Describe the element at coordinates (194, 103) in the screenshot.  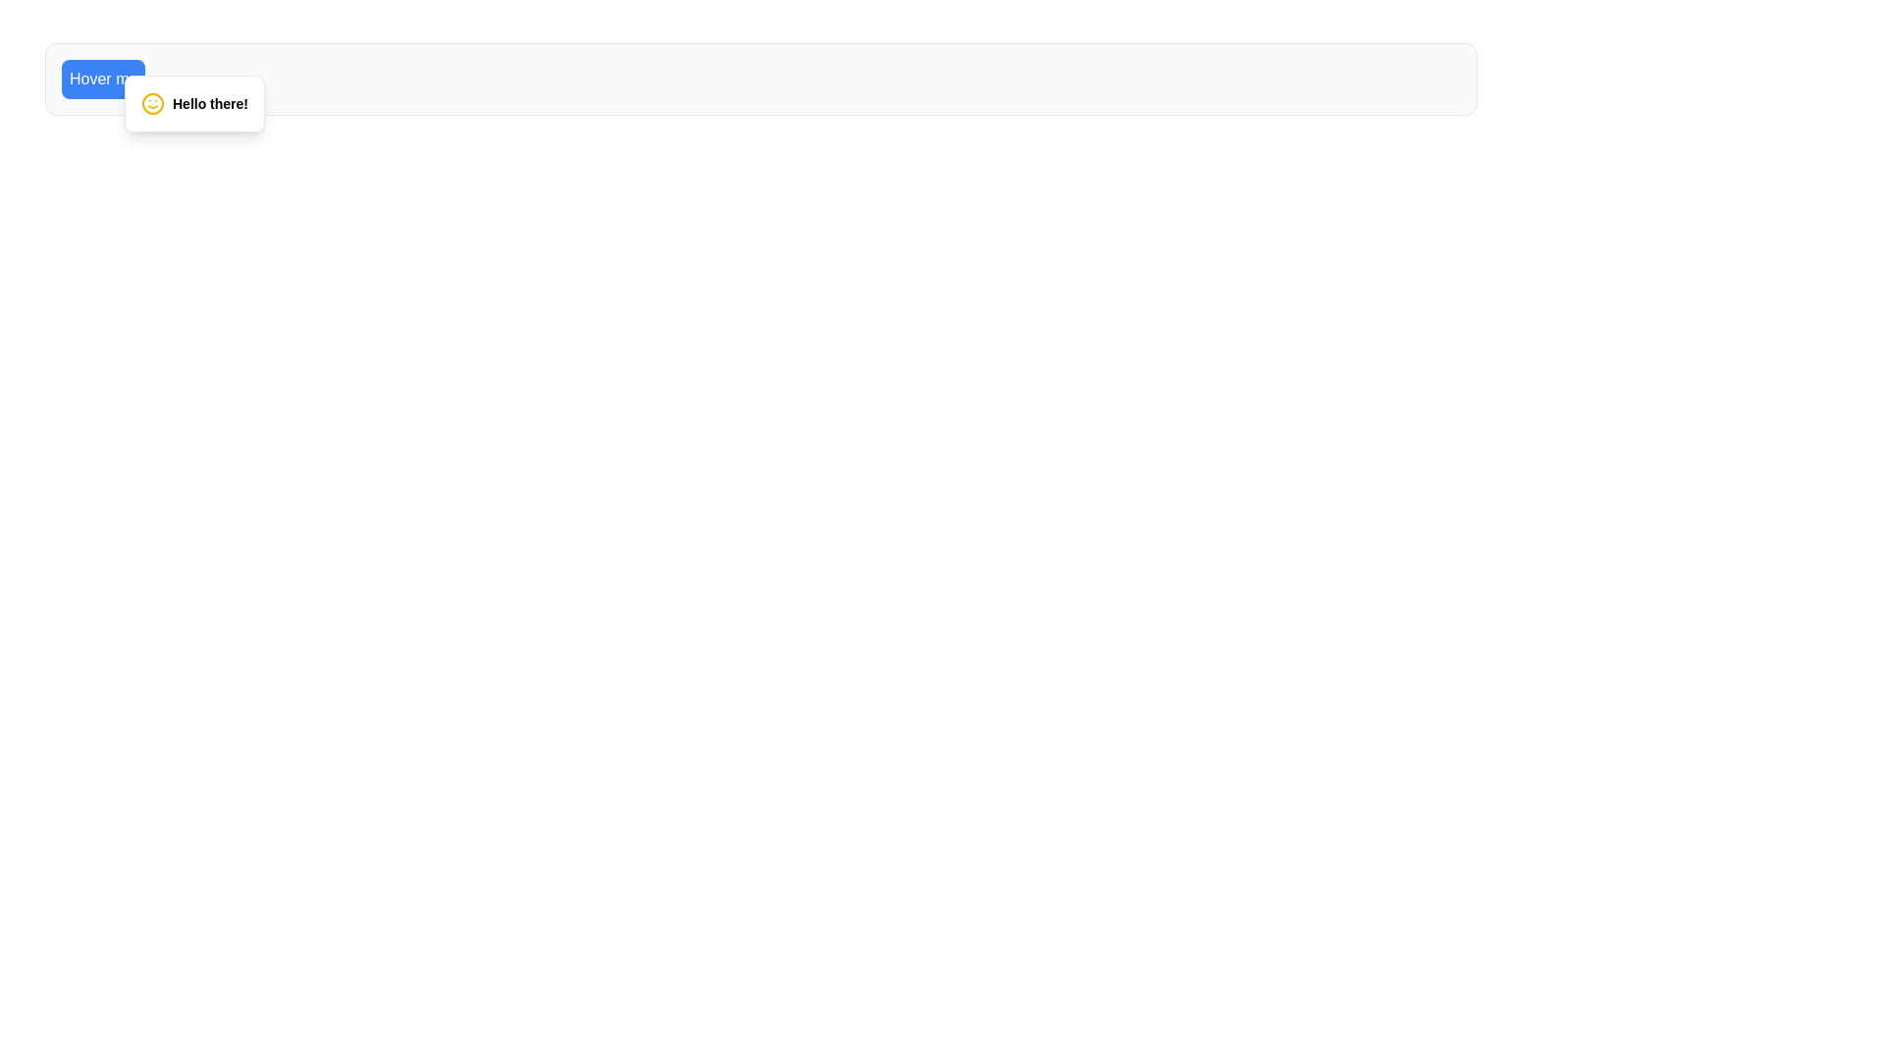
I see `the text 'Hello there!' within the tooltip that appears after hovering over the blue button labeled 'Hover me'` at that location.